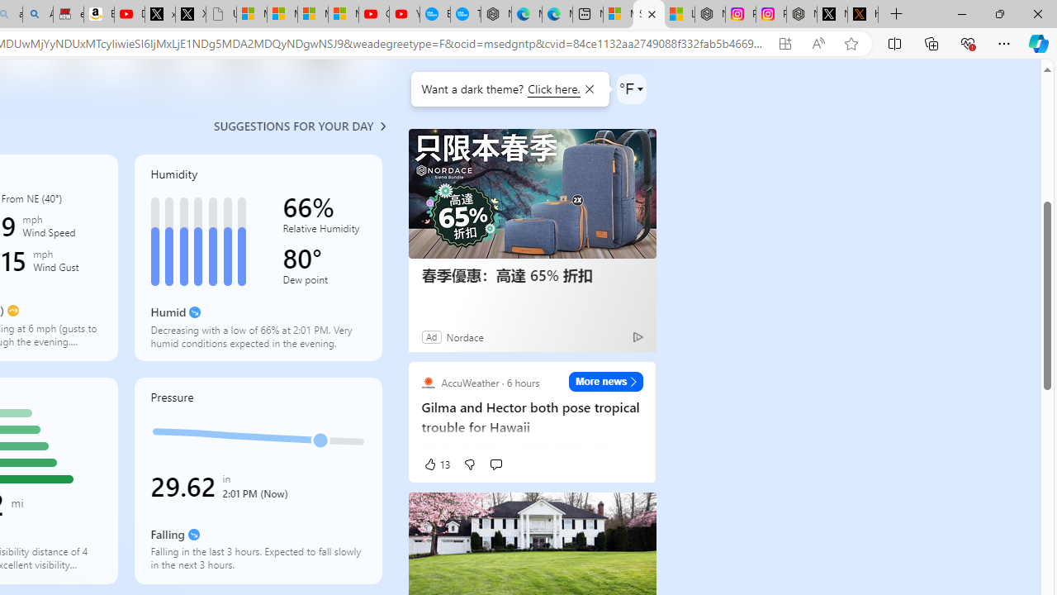  Describe the element at coordinates (495, 14) in the screenshot. I see `'Nordace - Nordace has arrived Hong Kong'` at that location.